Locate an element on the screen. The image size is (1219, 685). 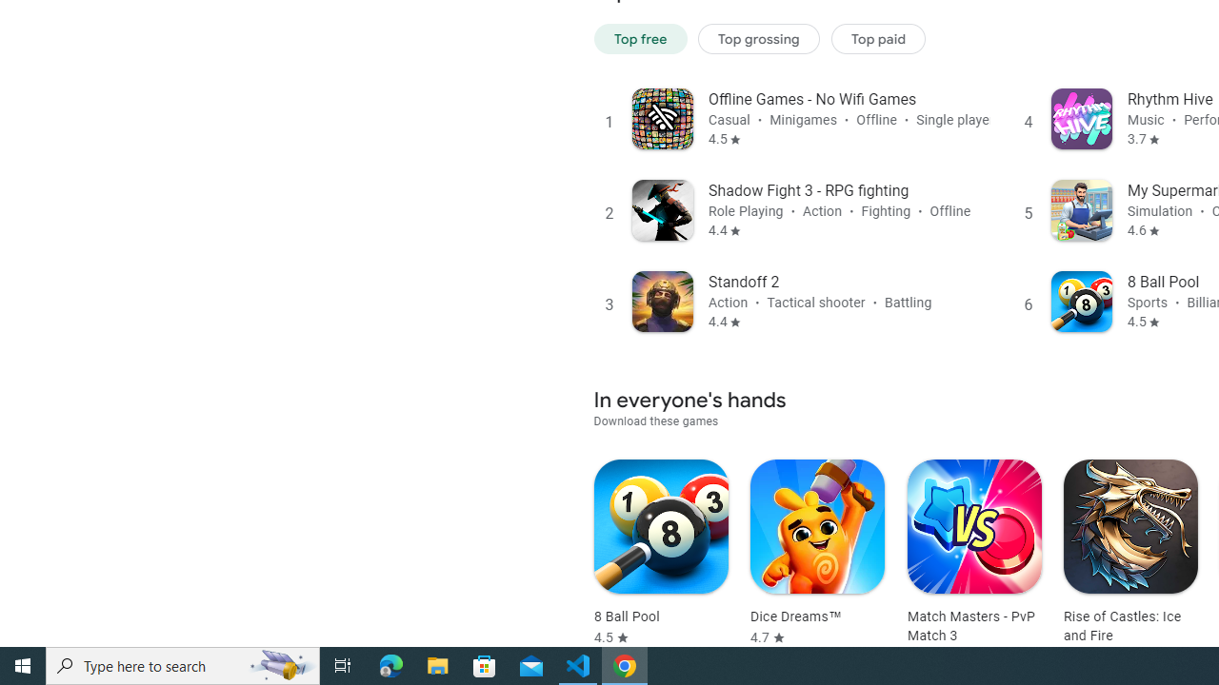
'Top grossing' is located at coordinates (758, 38).